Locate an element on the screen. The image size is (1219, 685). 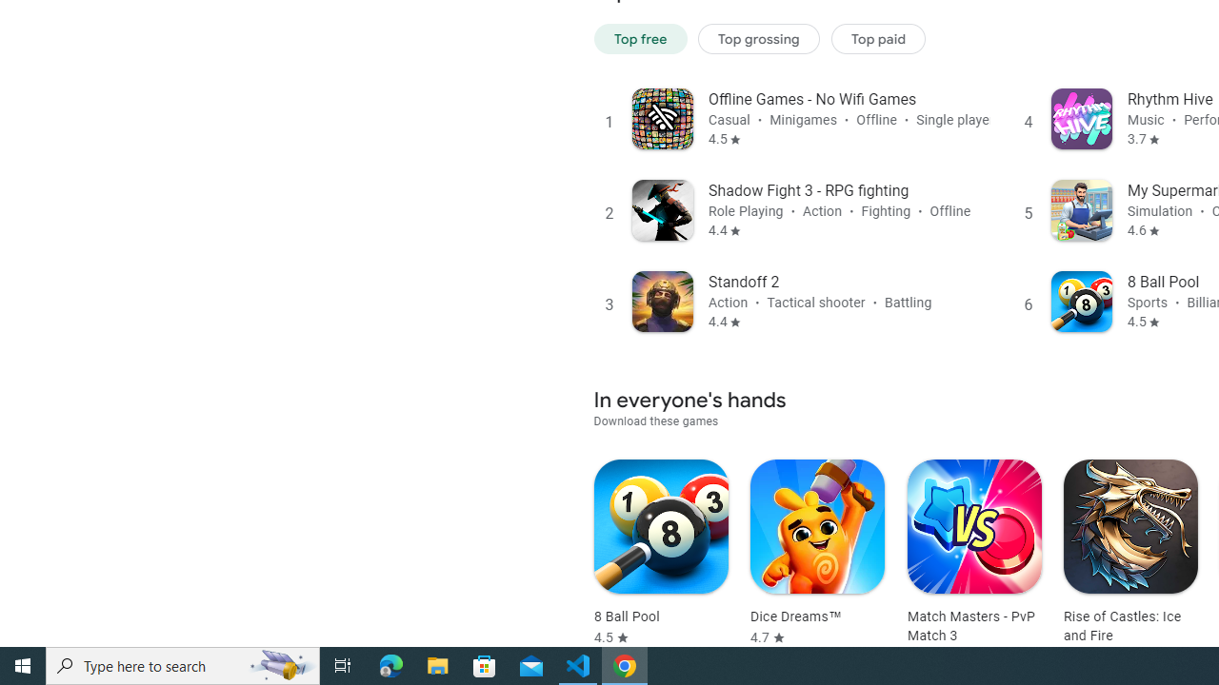
'Top grossing' is located at coordinates (758, 38).